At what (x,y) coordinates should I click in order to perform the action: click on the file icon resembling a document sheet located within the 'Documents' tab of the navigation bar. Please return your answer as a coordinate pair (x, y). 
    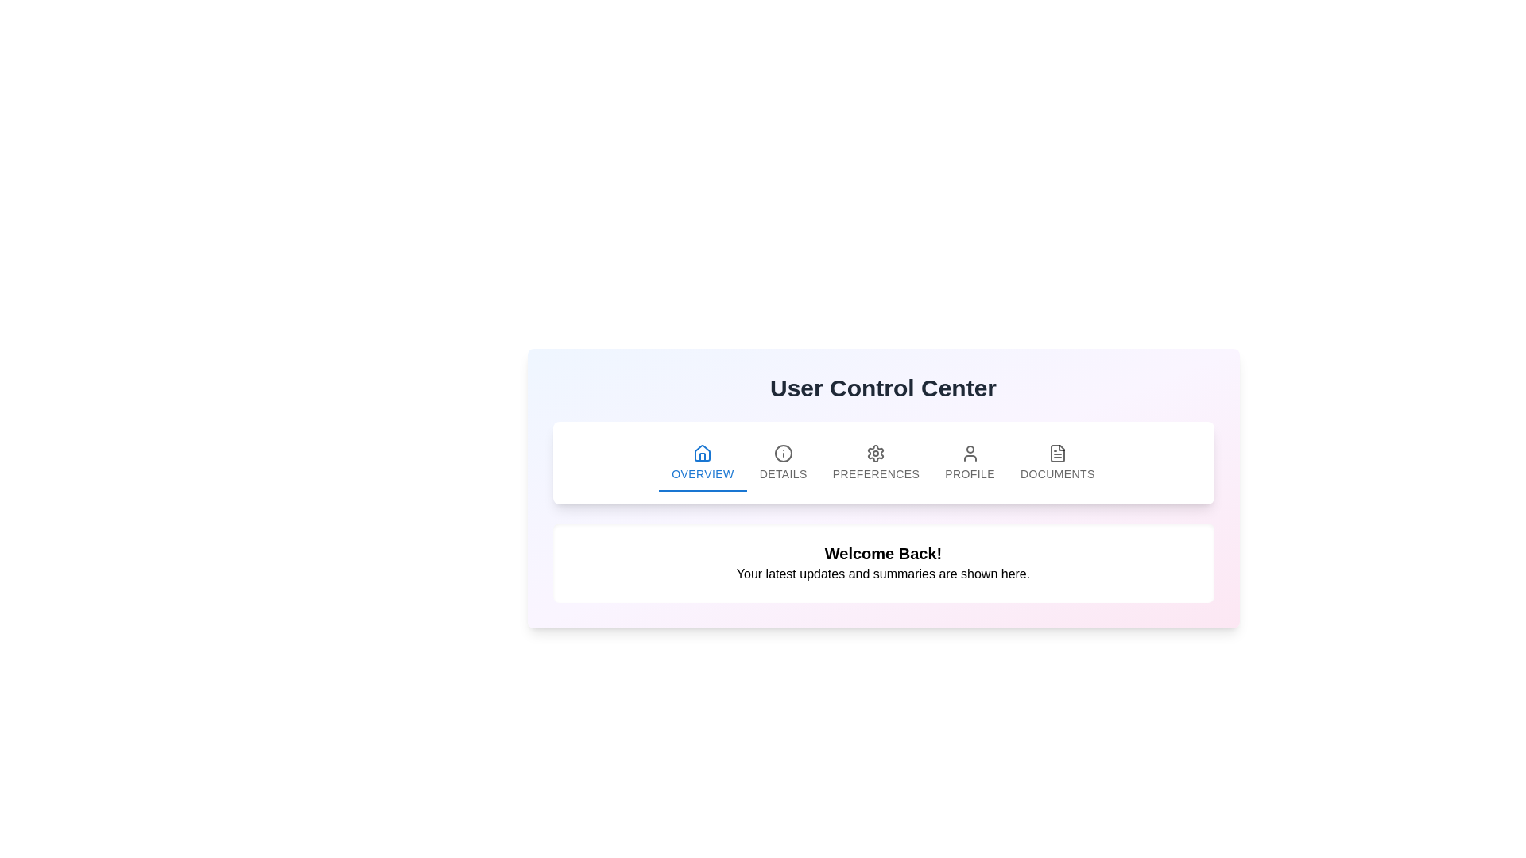
    Looking at the image, I should click on (1057, 454).